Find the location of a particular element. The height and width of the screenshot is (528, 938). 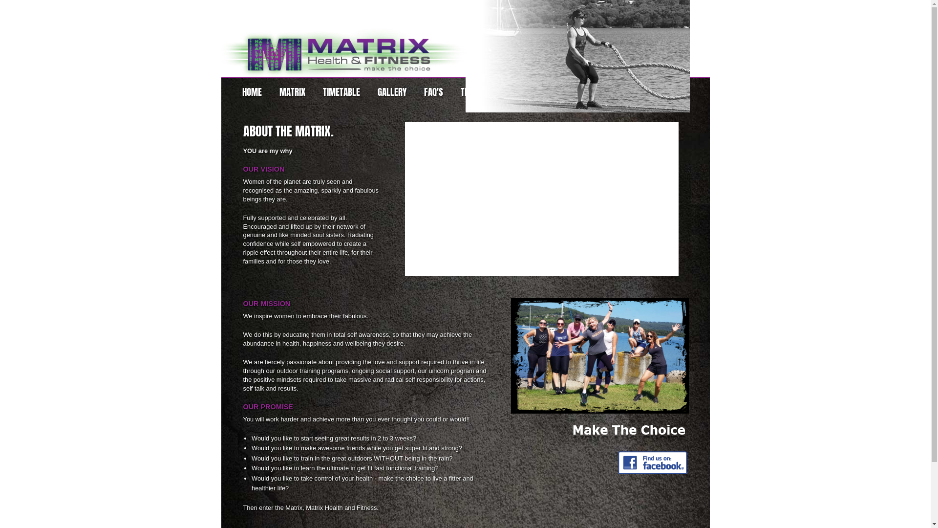

'MY STORY' is located at coordinates (543, 91).